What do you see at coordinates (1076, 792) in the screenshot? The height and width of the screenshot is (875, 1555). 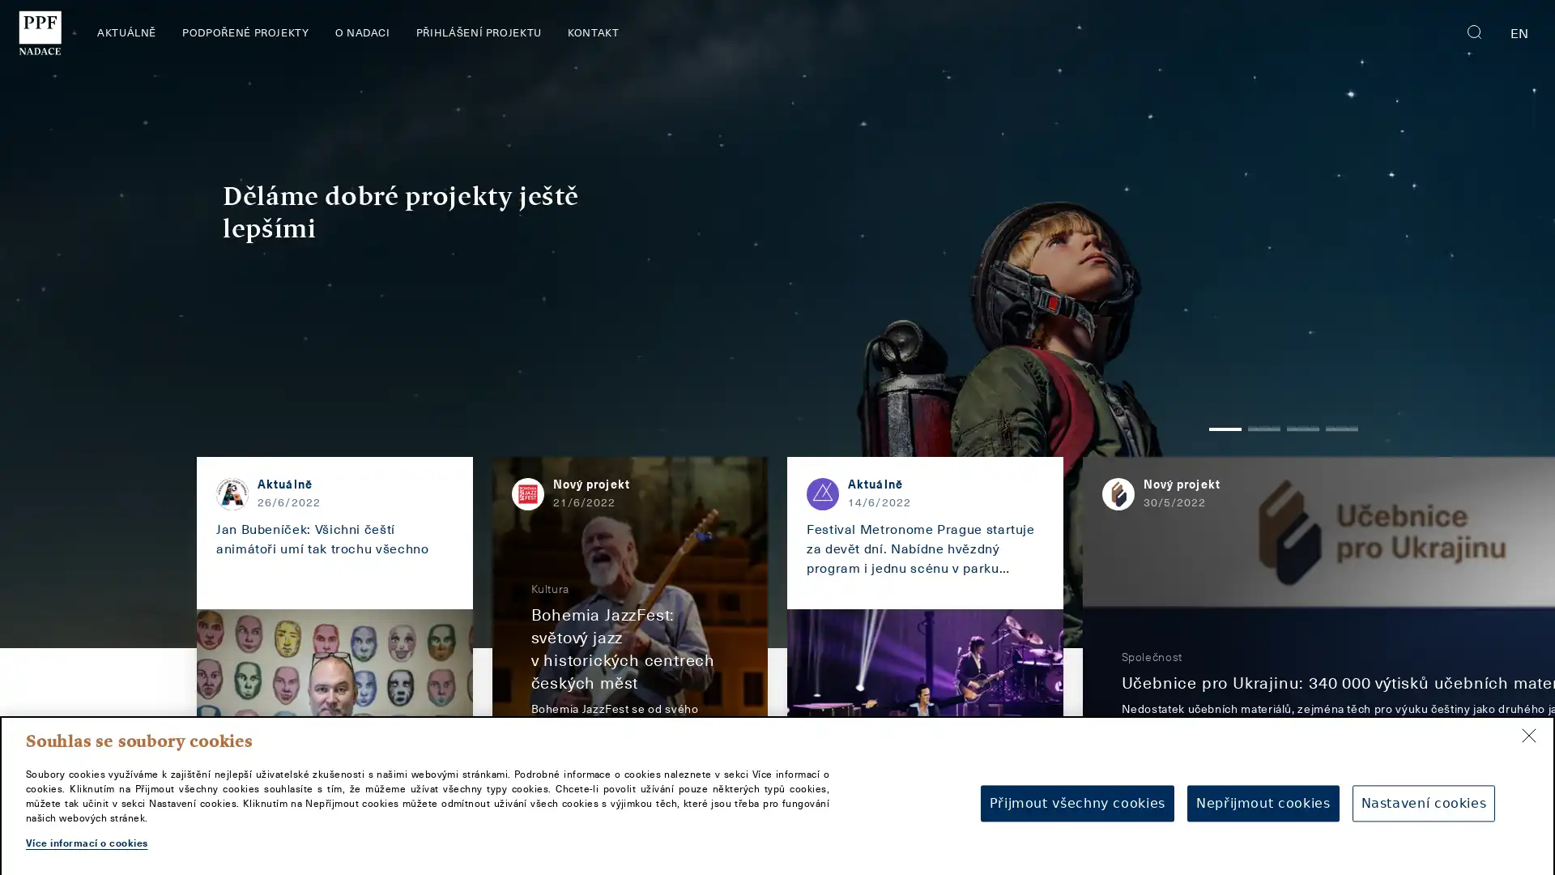 I see `Prijmout vsechny cookies` at bounding box center [1076, 792].